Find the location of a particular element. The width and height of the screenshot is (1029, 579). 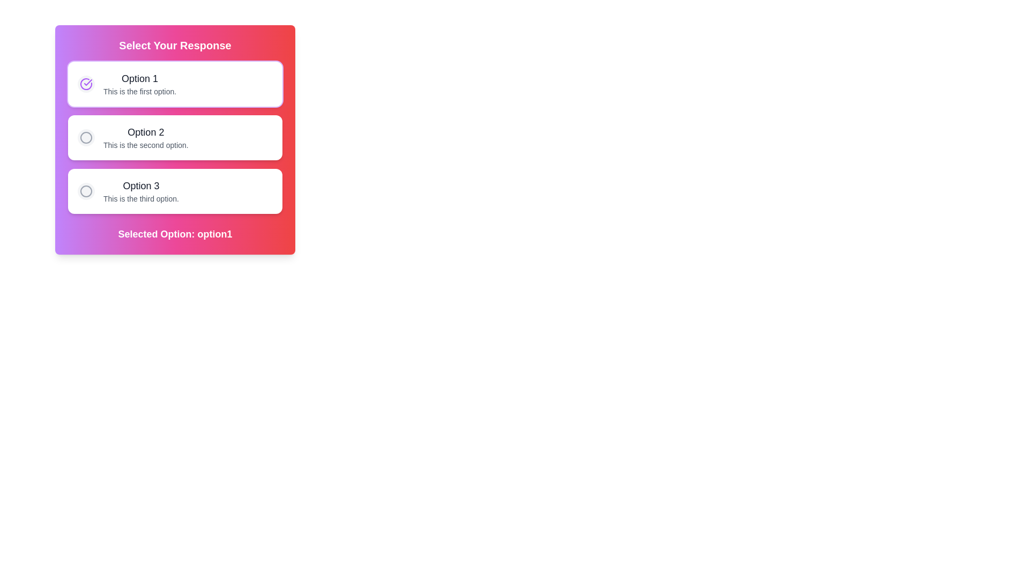

the text block displaying 'Option 2' with the subtitle 'This is the second option.', which is the second item in a vertically stacked selection list is located at coordinates (145, 137).